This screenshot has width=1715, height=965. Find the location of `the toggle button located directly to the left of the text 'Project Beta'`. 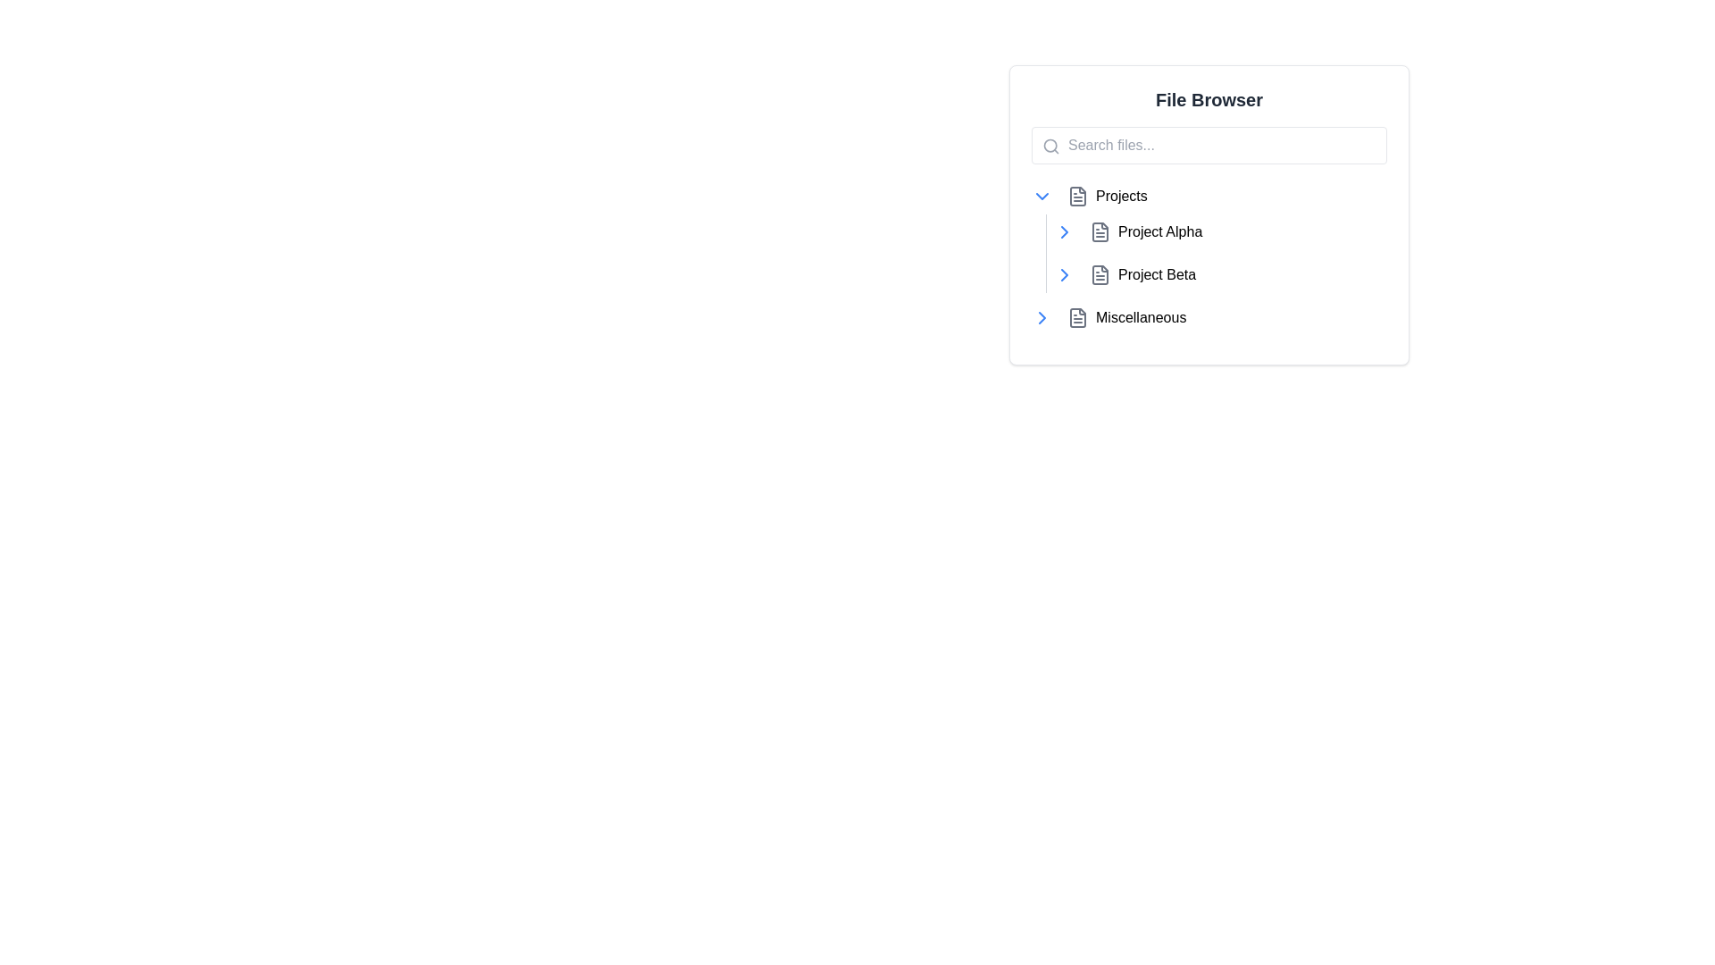

the toggle button located directly to the left of the text 'Project Beta' is located at coordinates (1064, 275).